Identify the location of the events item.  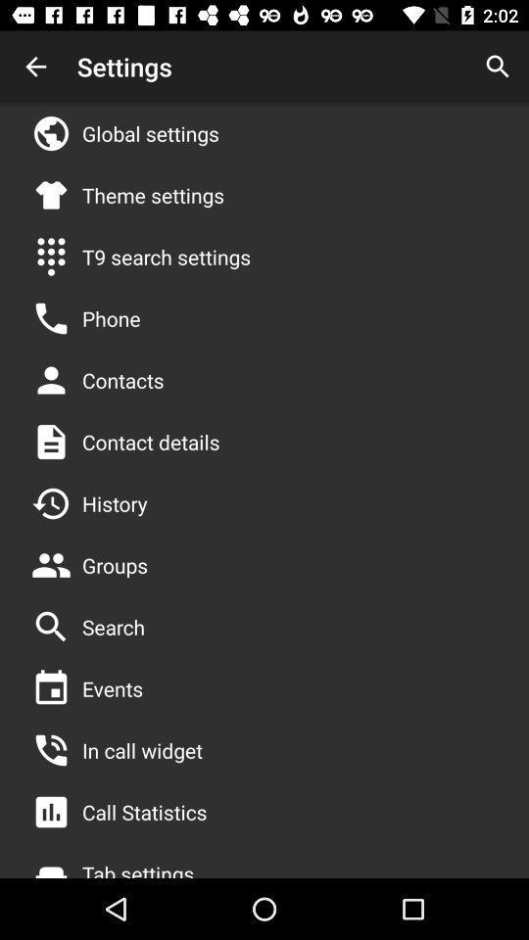
(113, 688).